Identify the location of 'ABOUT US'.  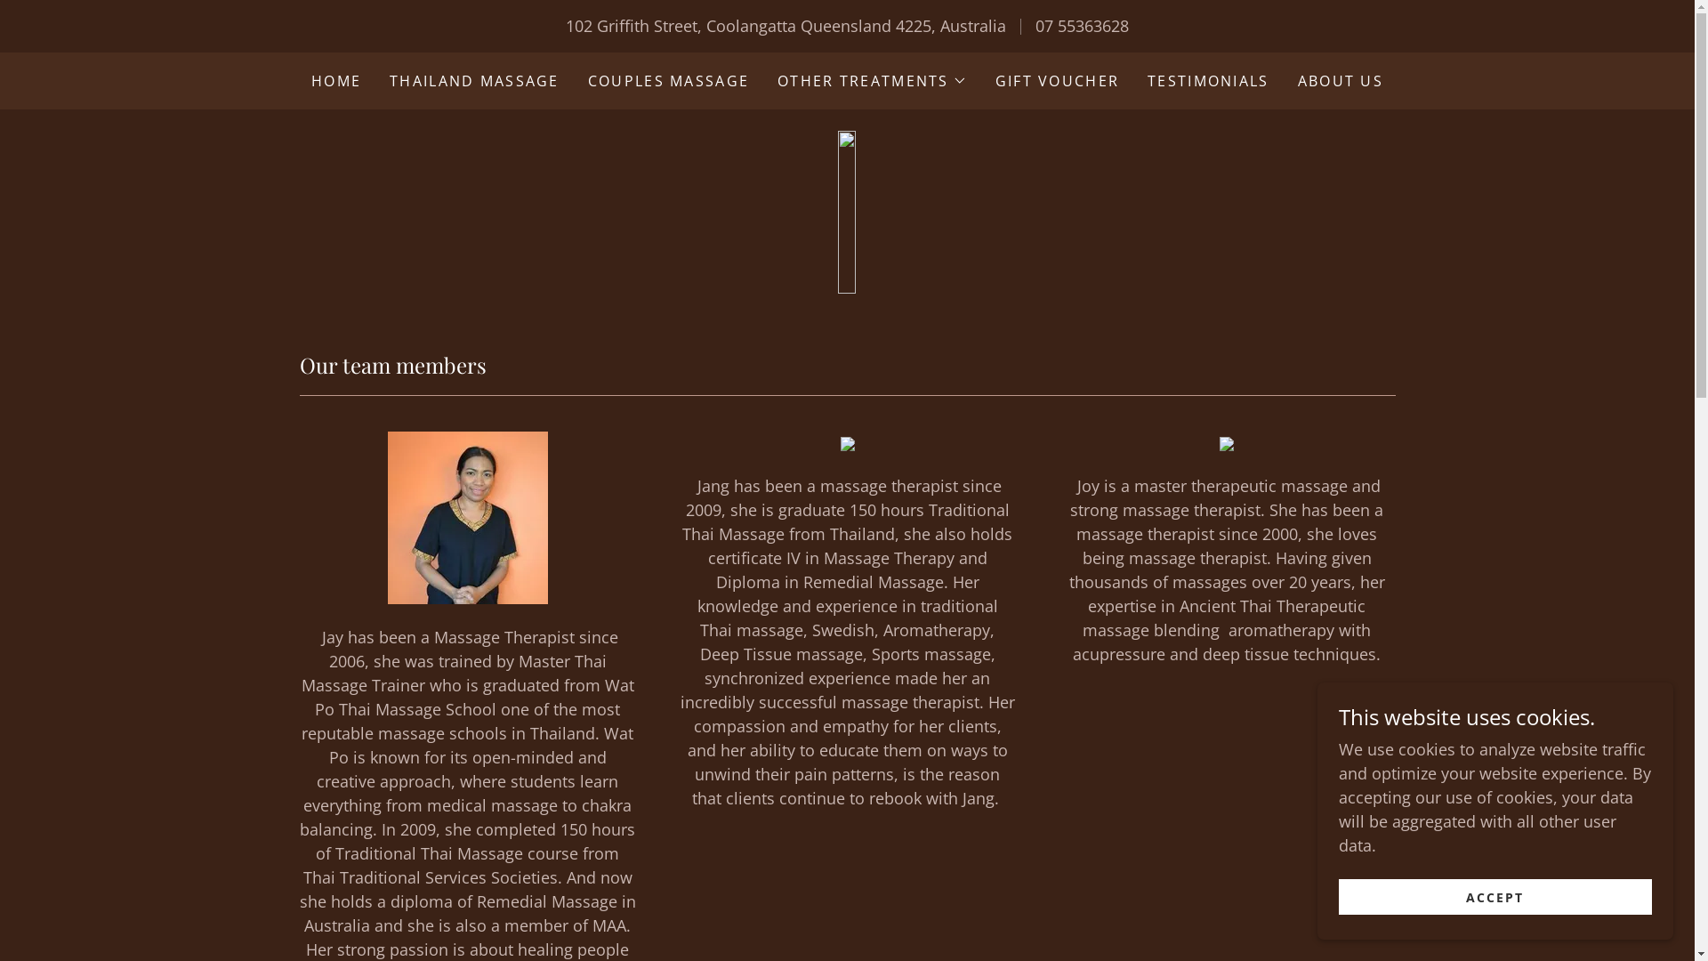
(1341, 81).